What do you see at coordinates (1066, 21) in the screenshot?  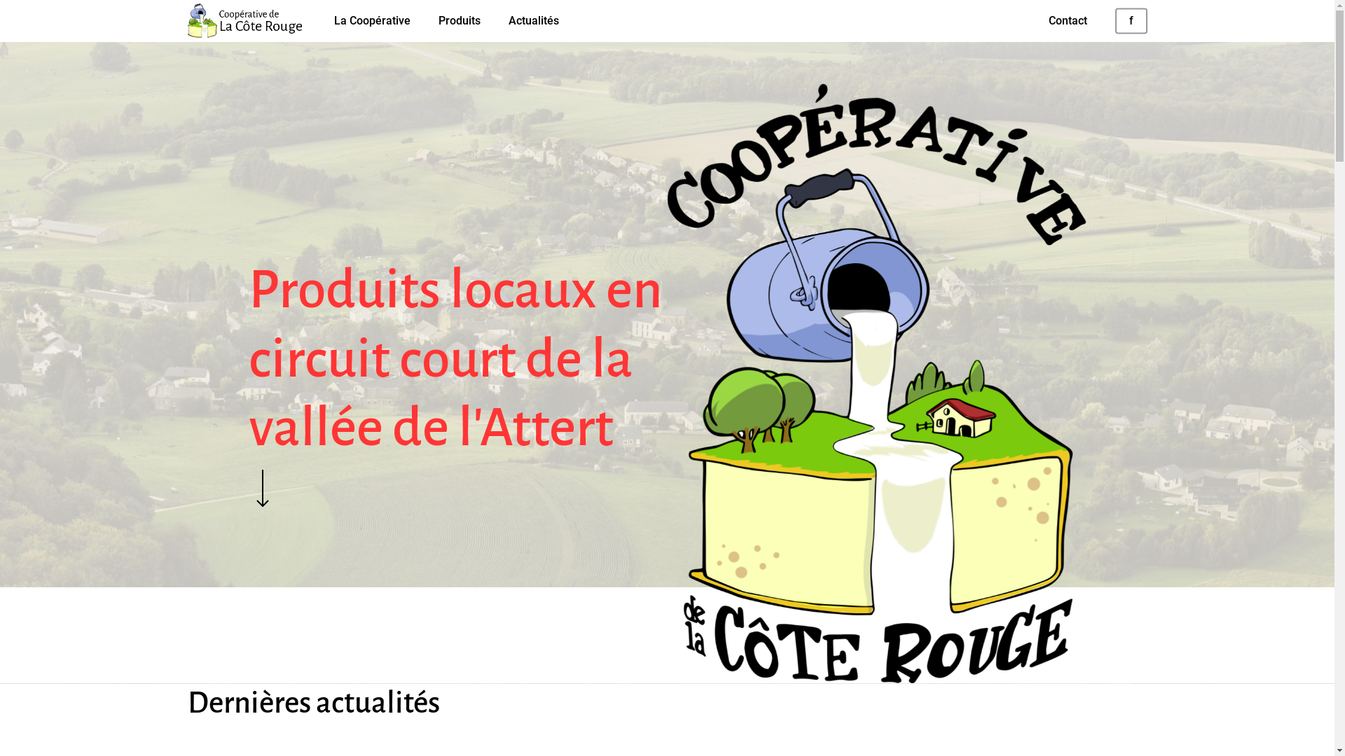 I see `'Contact'` at bounding box center [1066, 21].